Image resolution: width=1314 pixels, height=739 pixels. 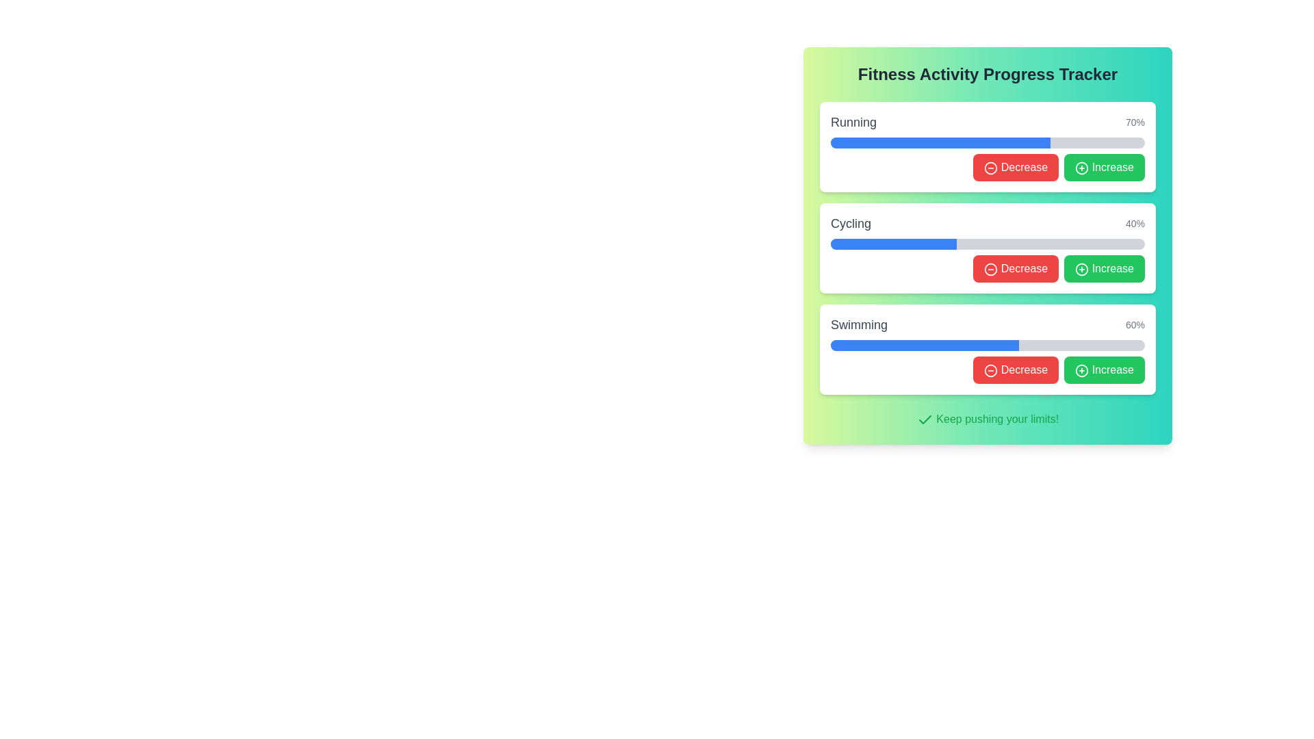 I want to click on the red button labeled 'Decrease', which is positioned to the right of a progress bar, so click(x=1016, y=167).